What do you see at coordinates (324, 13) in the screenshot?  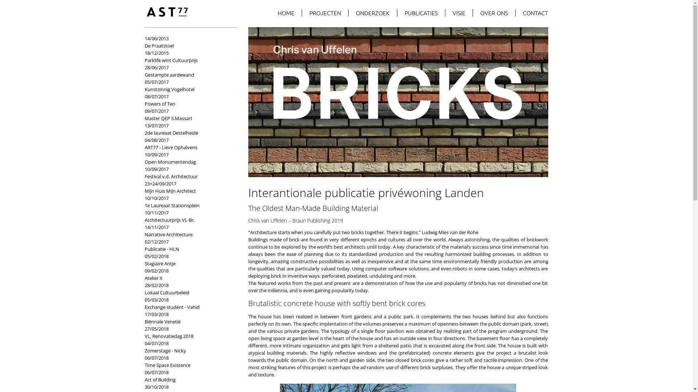 I see `'PROJECTEN'` at bounding box center [324, 13].